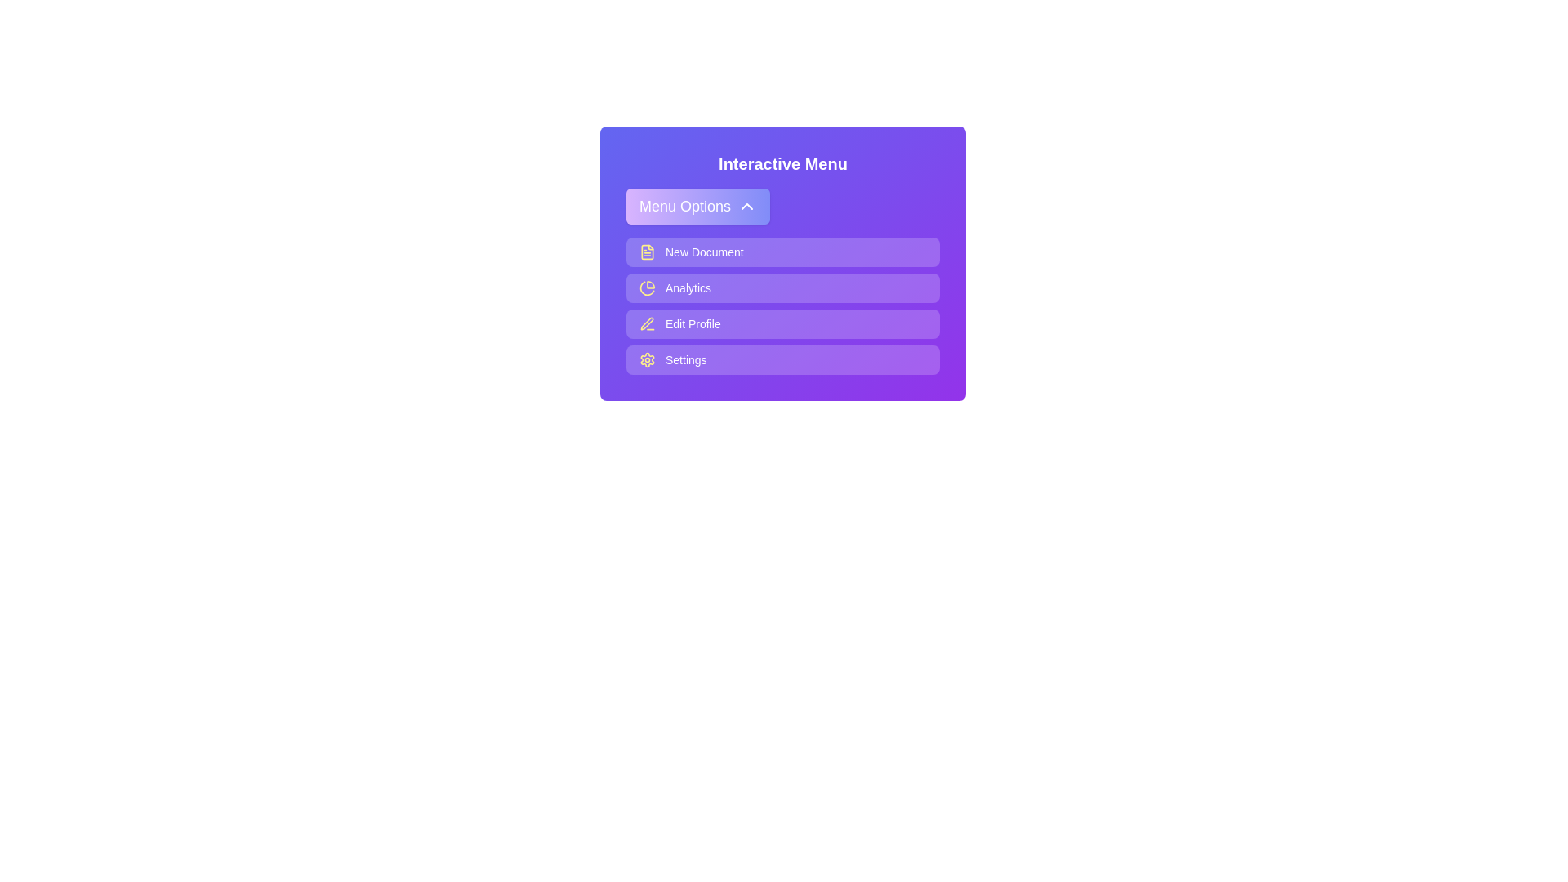  I want to click on the gear-like icon representing settings, which is the leftmost icon associated with the 'Settings' text in the menu, so click(646, 359).